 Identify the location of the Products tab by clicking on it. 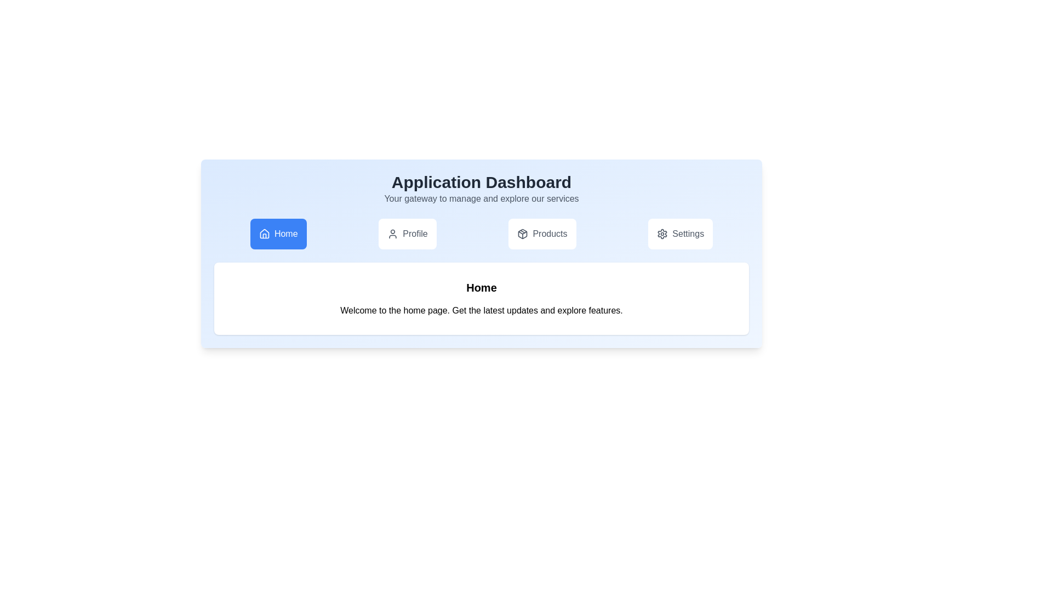
(542, 234).